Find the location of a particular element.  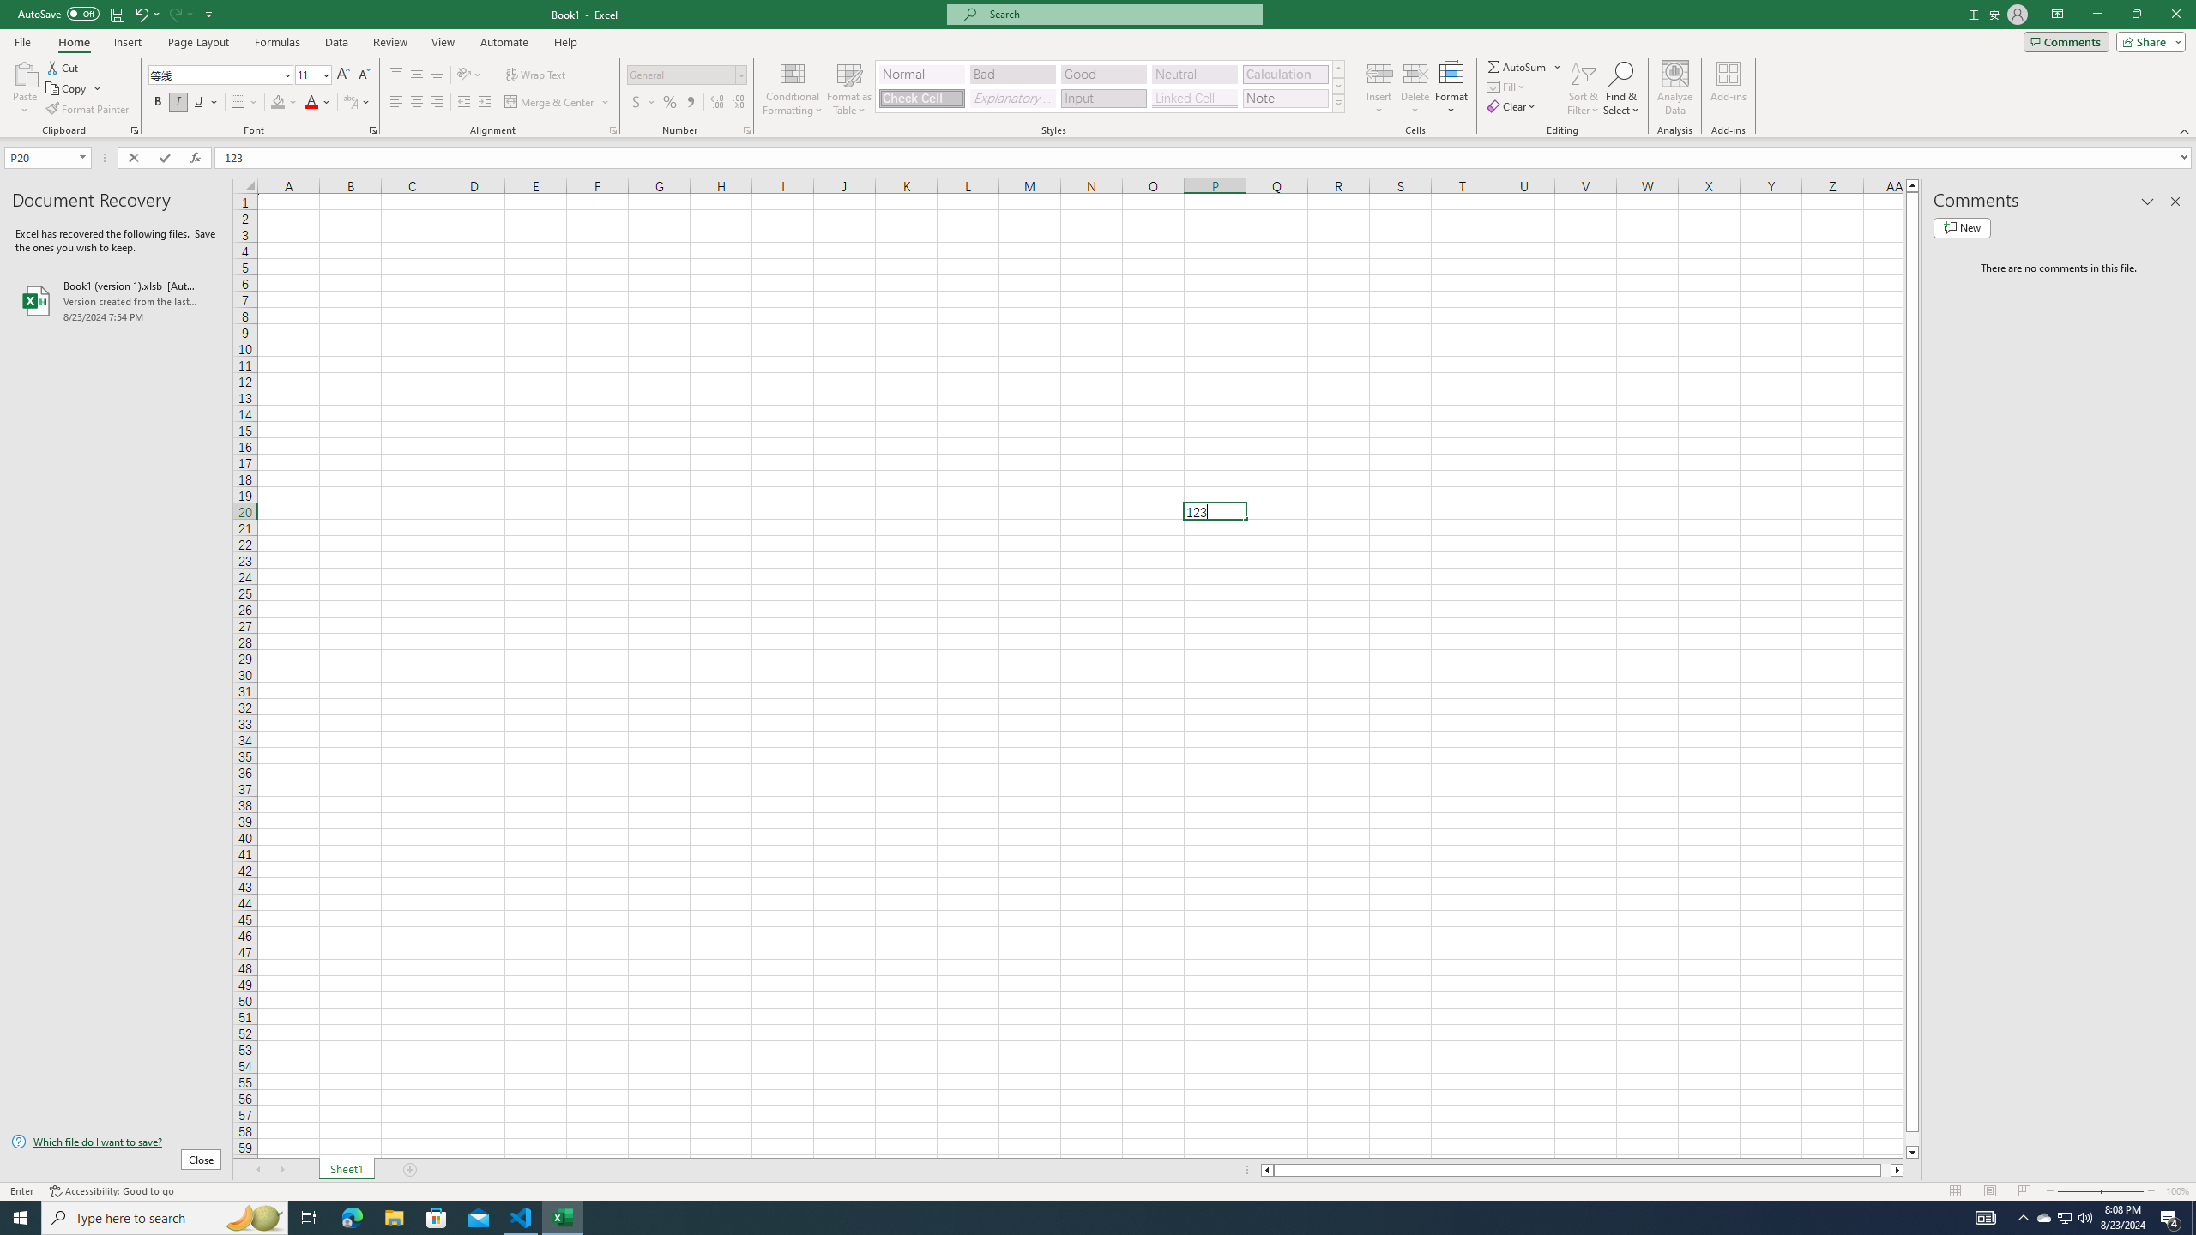

'Format Cell Font' is located at coordinates (373, 129).